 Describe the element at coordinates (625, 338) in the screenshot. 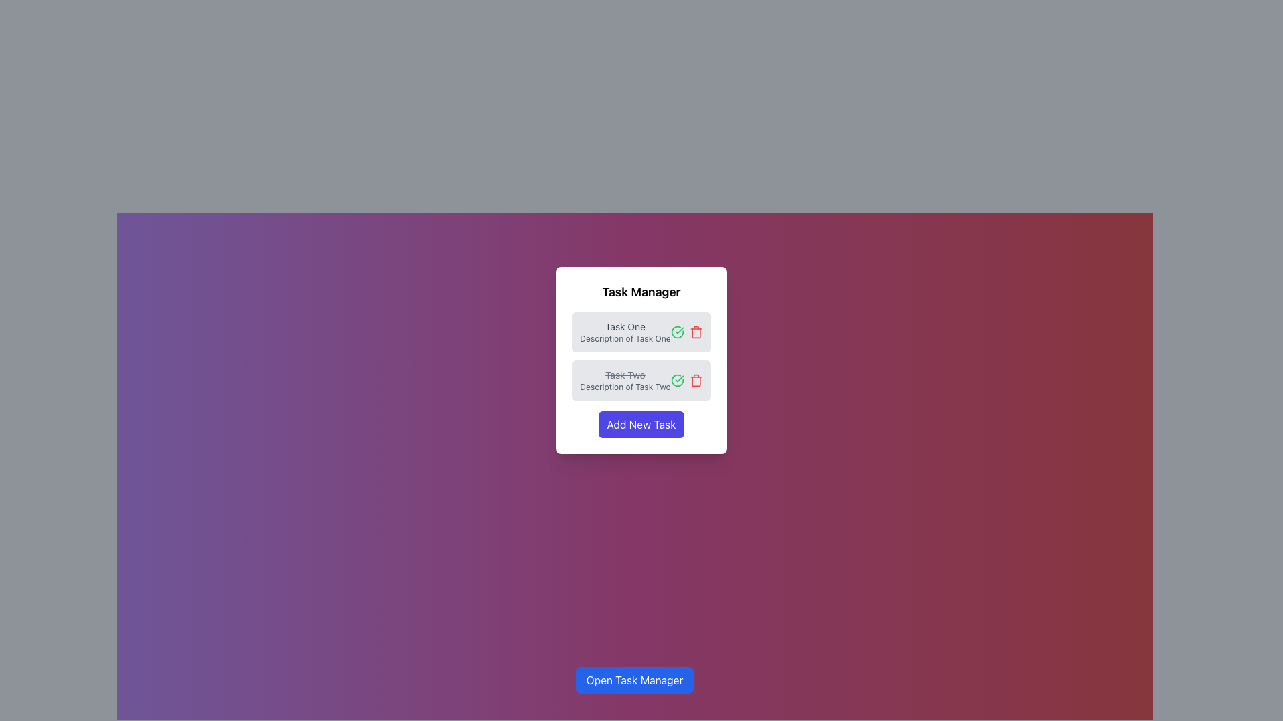

I see `the static text label providing details about 'Task One' located under the 'Task One' title in the 'Task Manager' interface` at that location.